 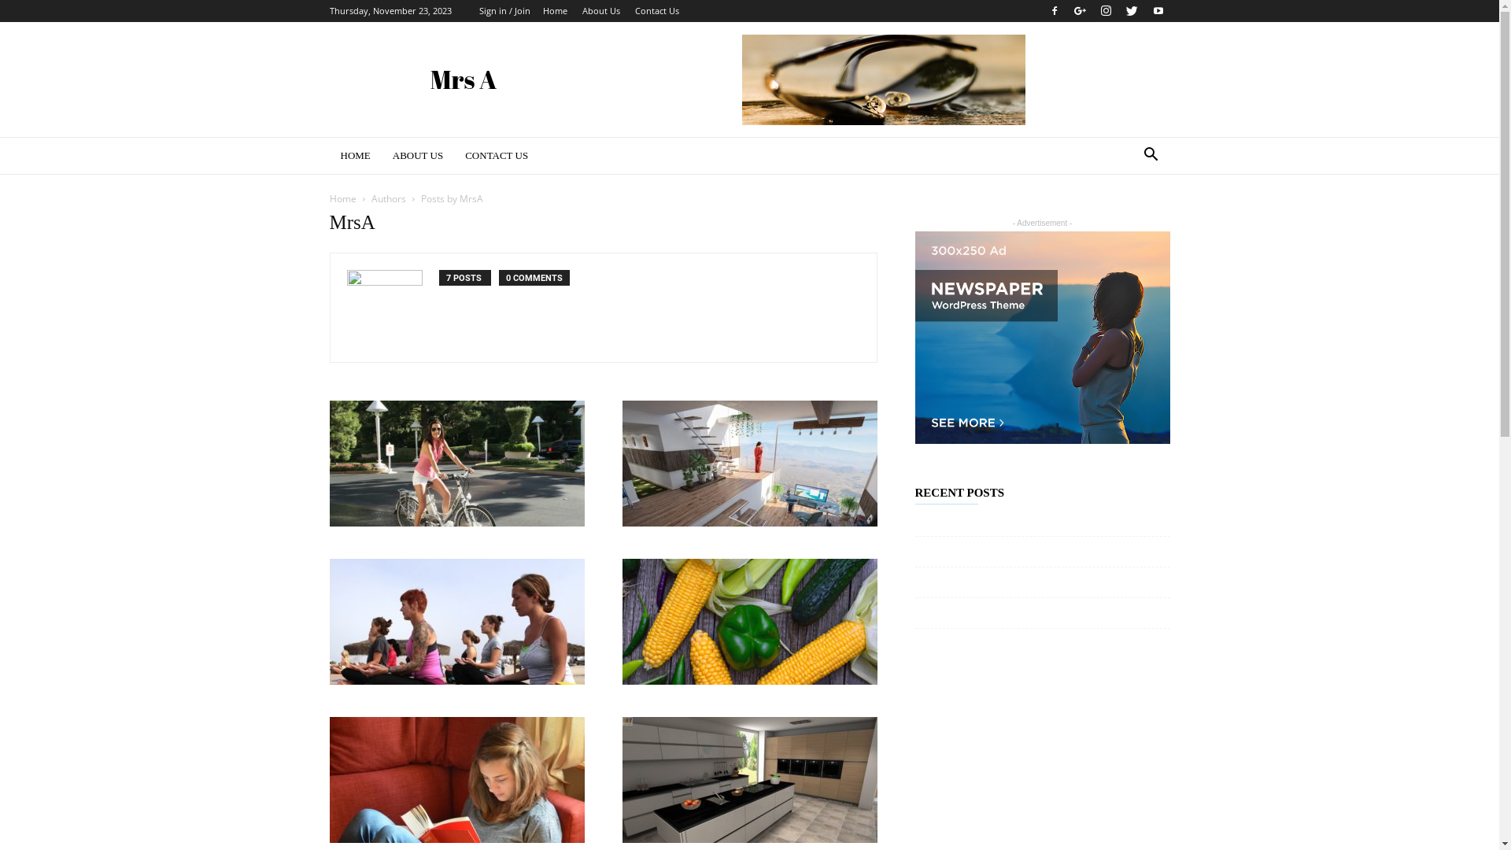 I want to click on 'Sign in / Join', so click(x=504, y=10).